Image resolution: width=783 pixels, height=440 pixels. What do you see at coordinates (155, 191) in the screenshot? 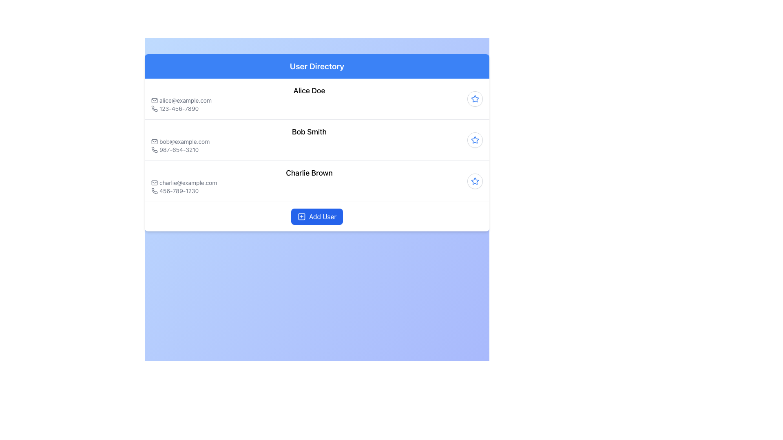
I see `the phone icon located to the left of the text '456-789-1230' in the user entry for 'Charlie Brown' in the directory list` at bounding box center [155, 191].